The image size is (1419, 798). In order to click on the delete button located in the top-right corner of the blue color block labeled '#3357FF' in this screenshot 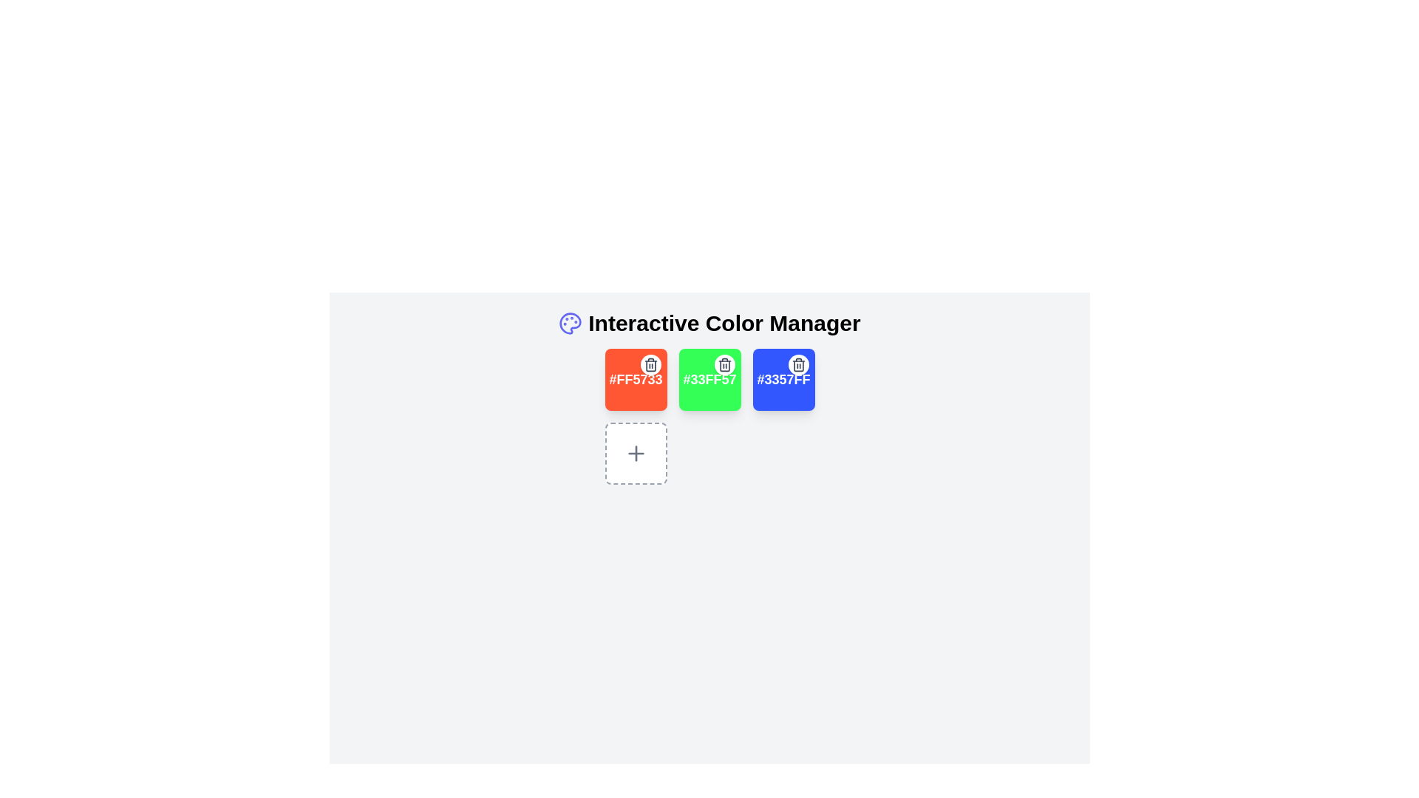, I will do `click(797, 364)`.